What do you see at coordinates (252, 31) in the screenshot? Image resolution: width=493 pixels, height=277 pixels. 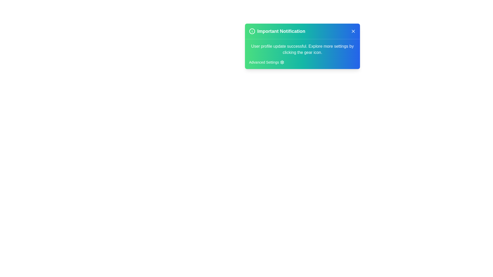 I see `the info icon in the DynamicAlert component` at bounding box center [252, 31].